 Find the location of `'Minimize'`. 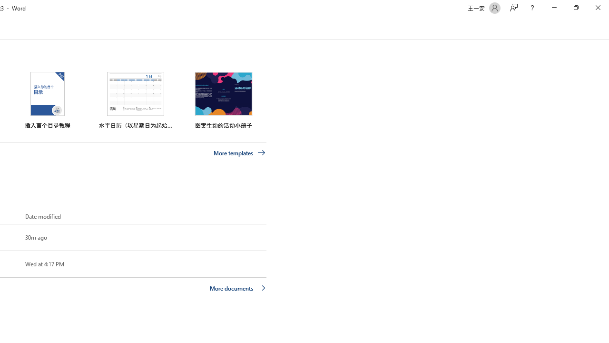

'Minimize' is located at coordinates (554, 8).